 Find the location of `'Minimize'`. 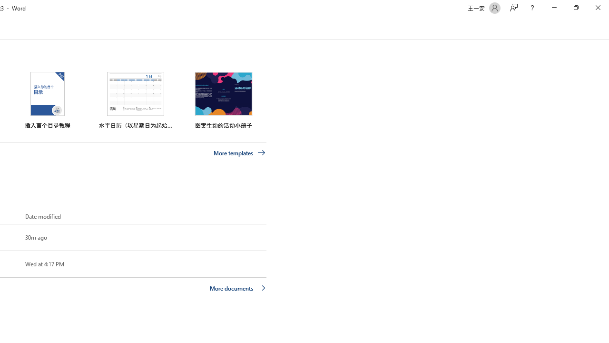

'Minimize' is located at coordinates (554, 8).